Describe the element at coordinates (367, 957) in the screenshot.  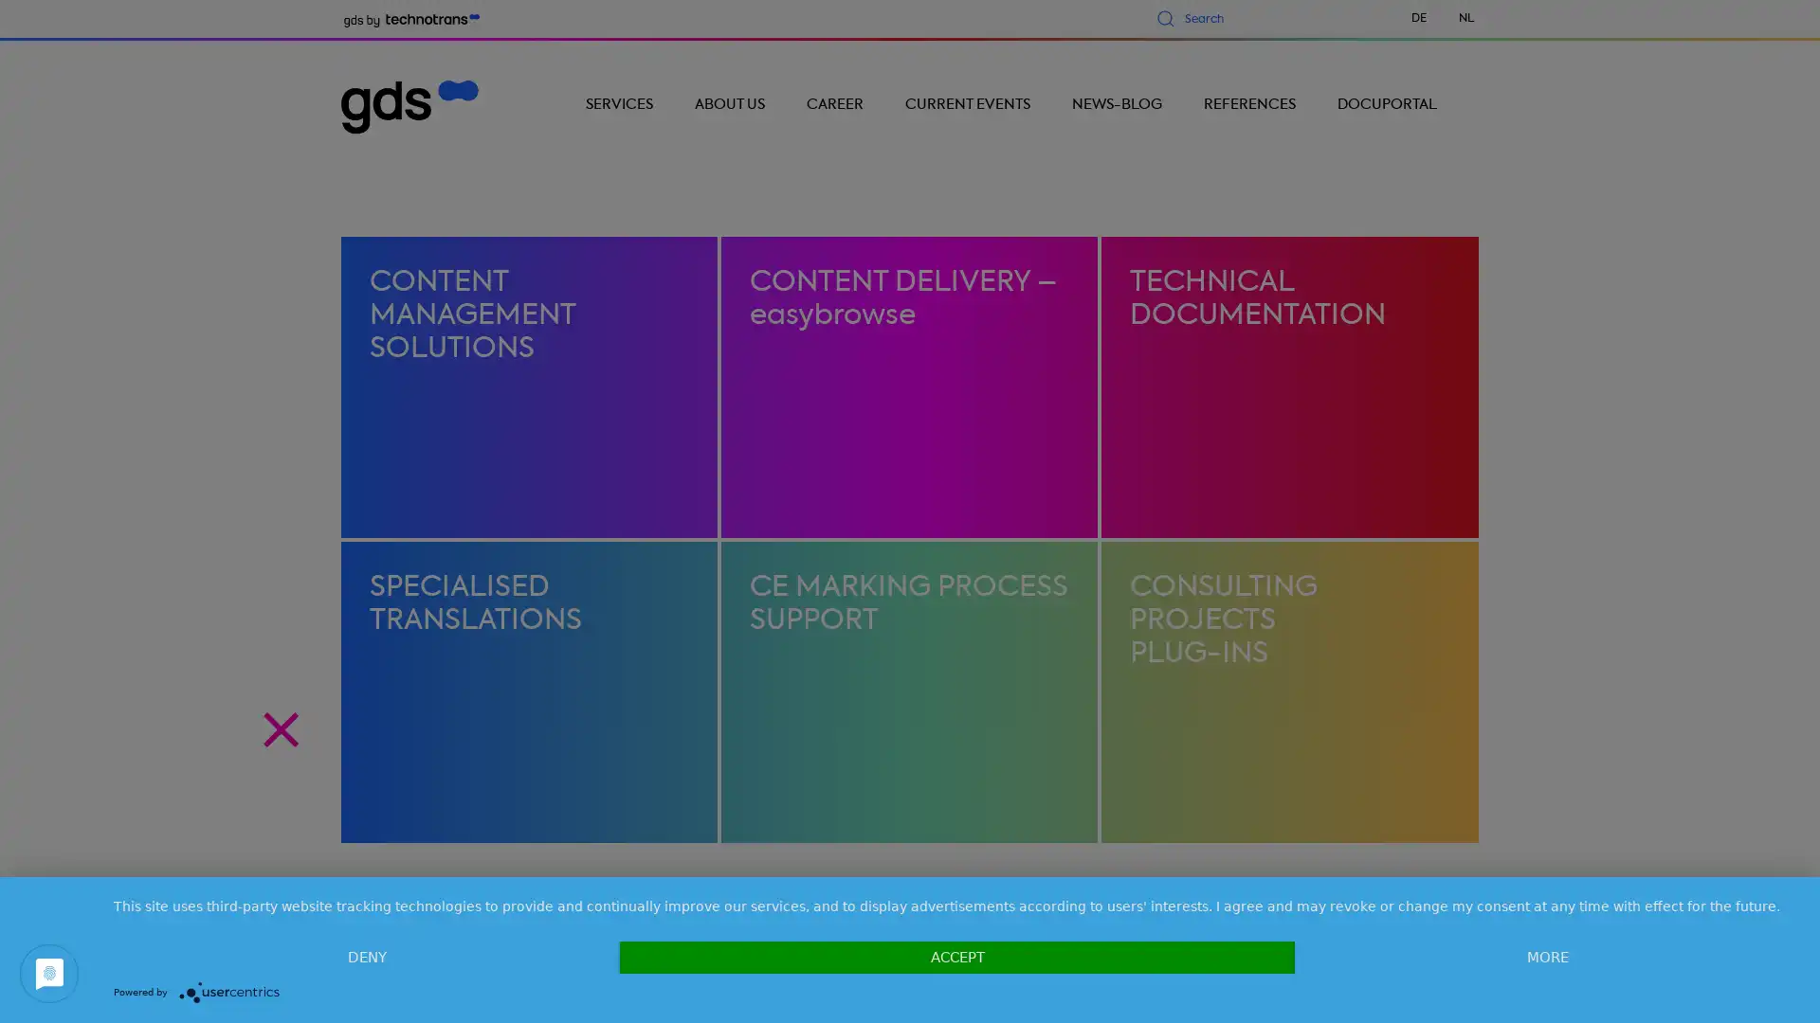
I see `Deny` at that location.